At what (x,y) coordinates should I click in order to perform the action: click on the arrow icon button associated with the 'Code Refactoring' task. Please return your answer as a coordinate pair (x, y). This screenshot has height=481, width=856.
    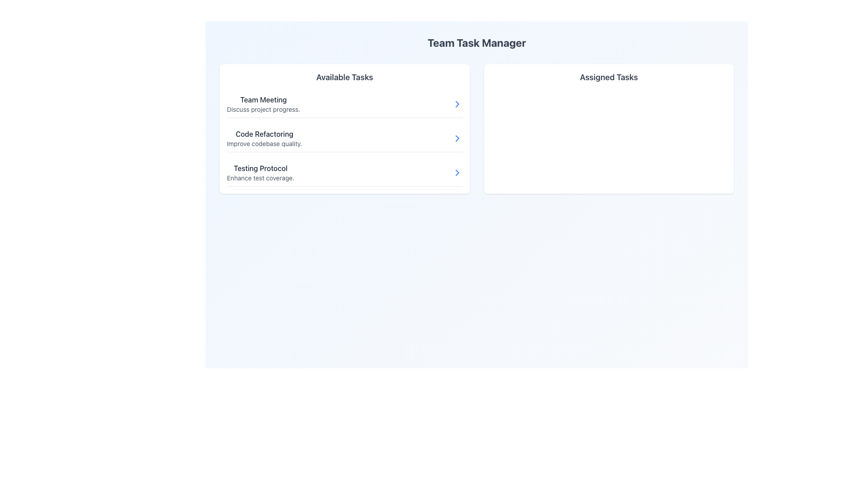
    Looking at the image, I should click on (457, 139).